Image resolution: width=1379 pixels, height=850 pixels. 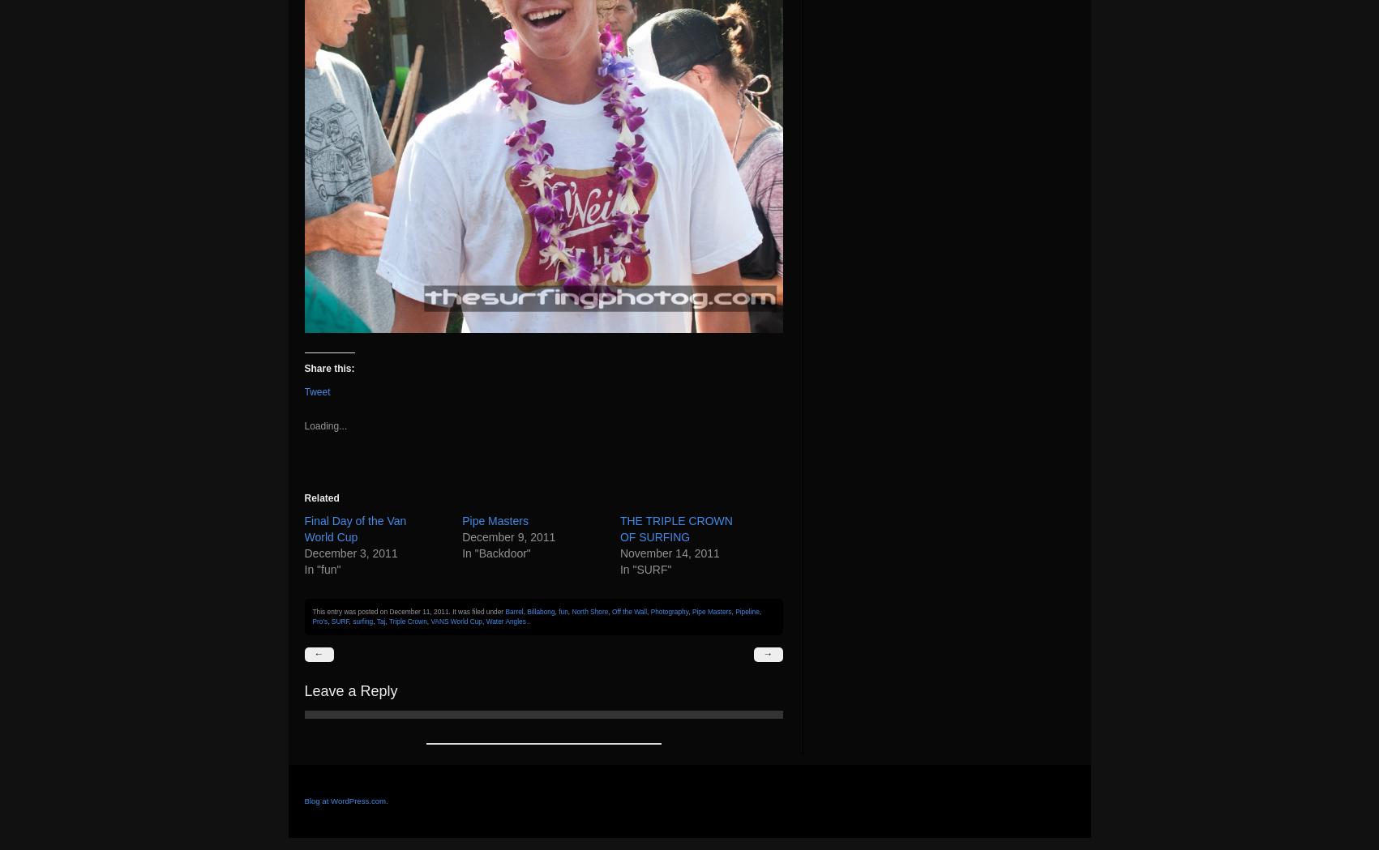 I want to click on 'Photography', so click(x=650, y=610).